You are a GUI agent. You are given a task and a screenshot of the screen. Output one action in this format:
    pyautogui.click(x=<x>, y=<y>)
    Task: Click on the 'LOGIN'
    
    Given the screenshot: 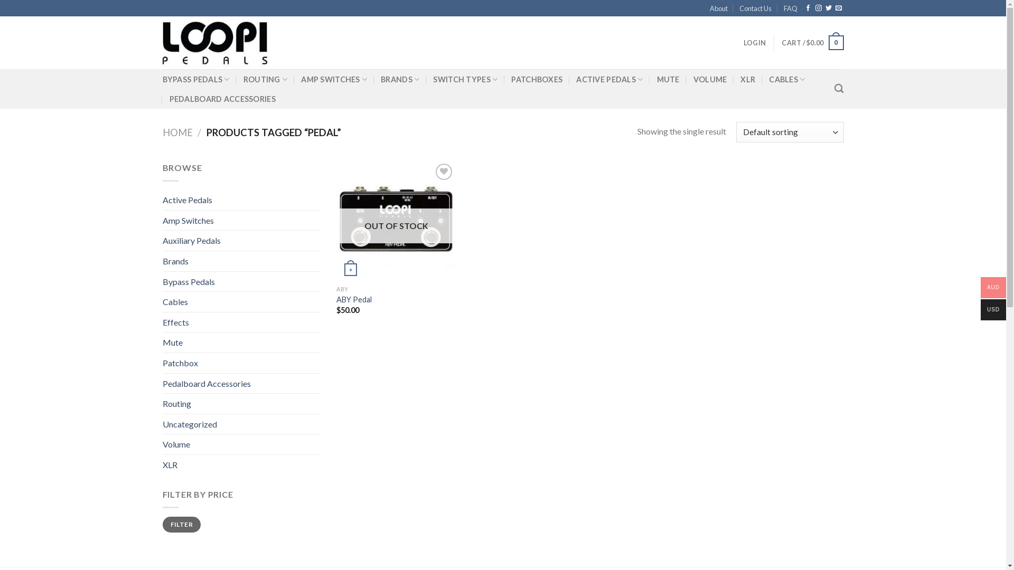 What is the action you would take?
    pyautogui.click(x=754, y=42)
    